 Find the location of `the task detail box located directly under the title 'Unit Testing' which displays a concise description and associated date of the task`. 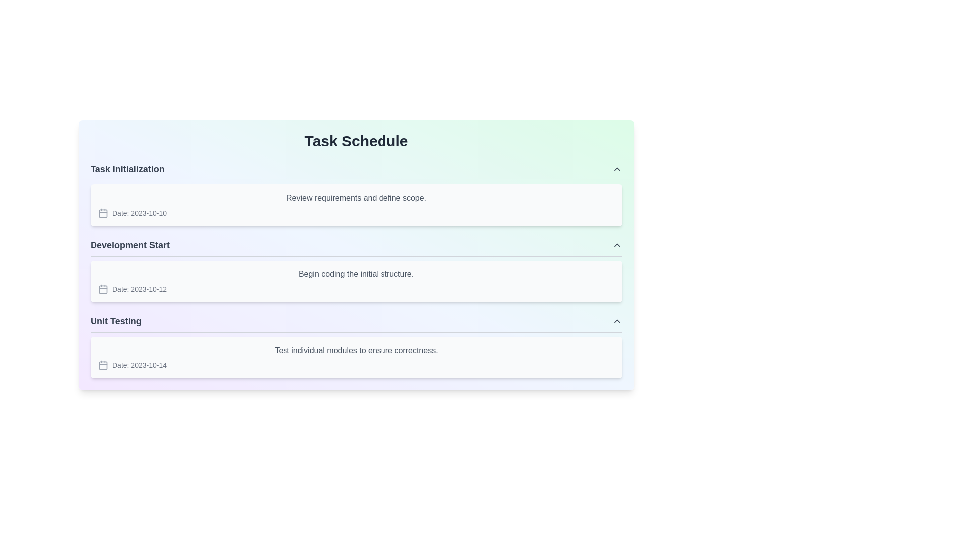

the task detail box located directly under the title 'Unit Testing' which displays a concise description and associated date of the task is located at coordinates (356, 357).